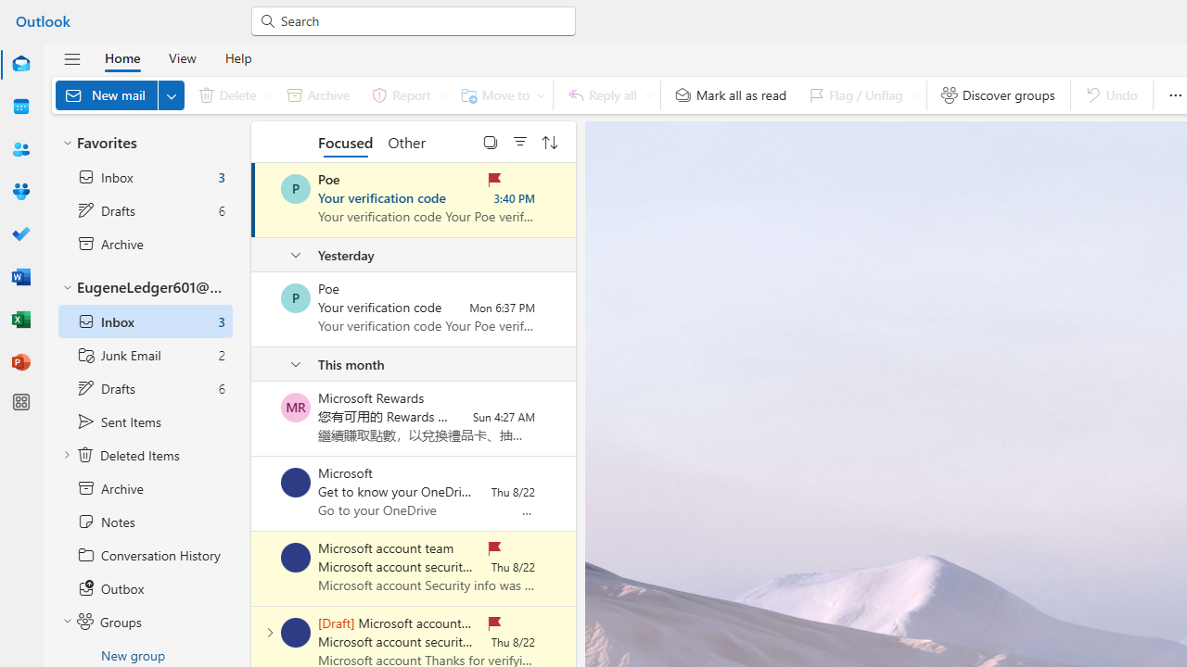  What do you see at coordinates (606, 94) in the screenshot?
I see `'Reply all'` at bounding box center [606, 94].